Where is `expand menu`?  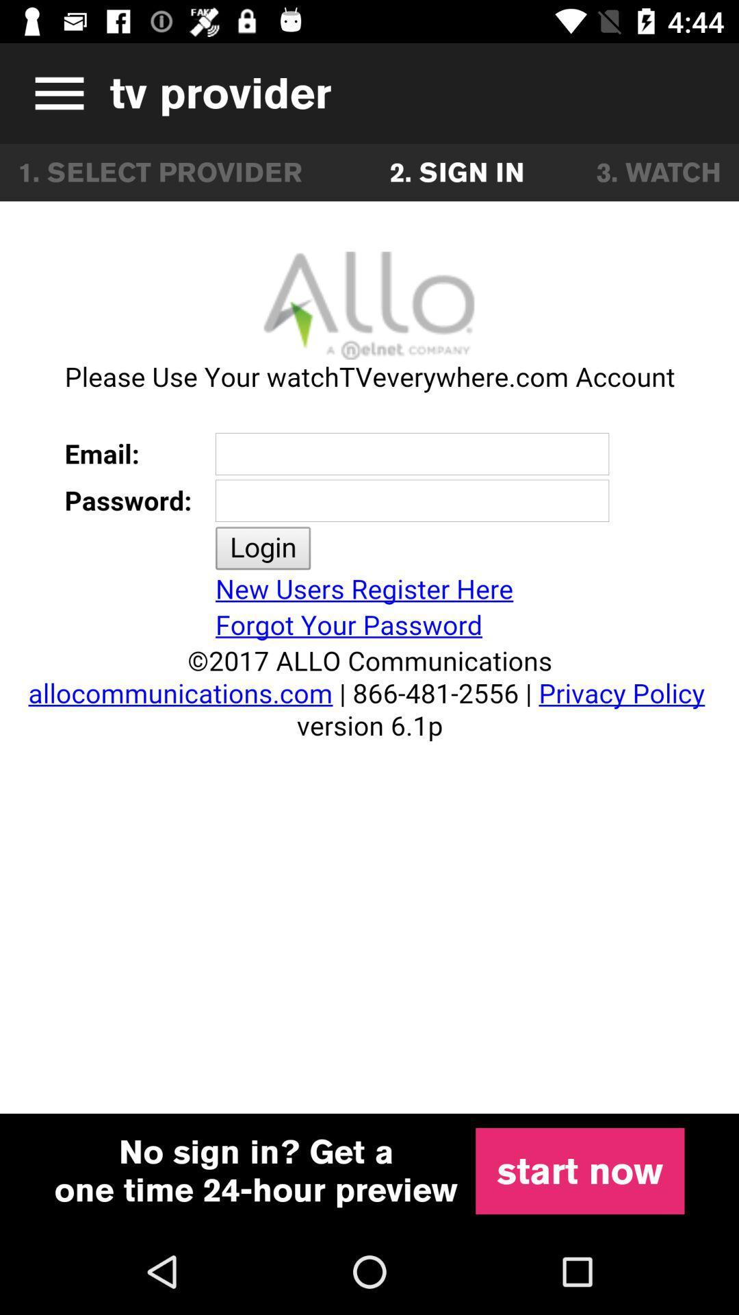 expand menu is located at coordinates (54, 92).